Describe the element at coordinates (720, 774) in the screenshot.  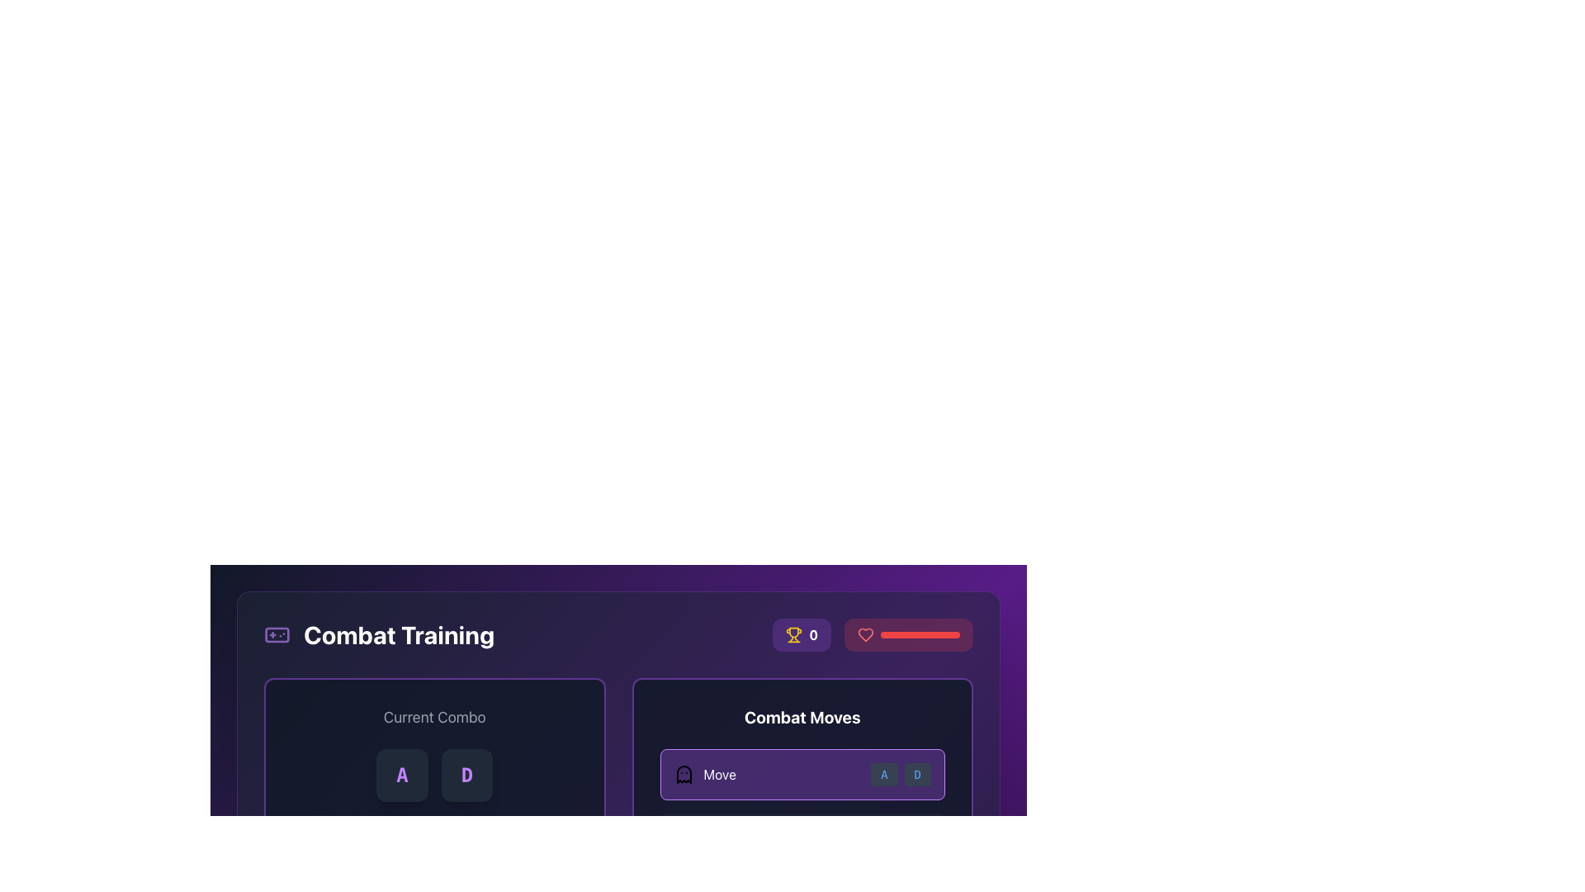
I see `text label displaying the word 'Move' in white font against a purple background, located next to a ghost icon in the Combat Moves section` at that location.